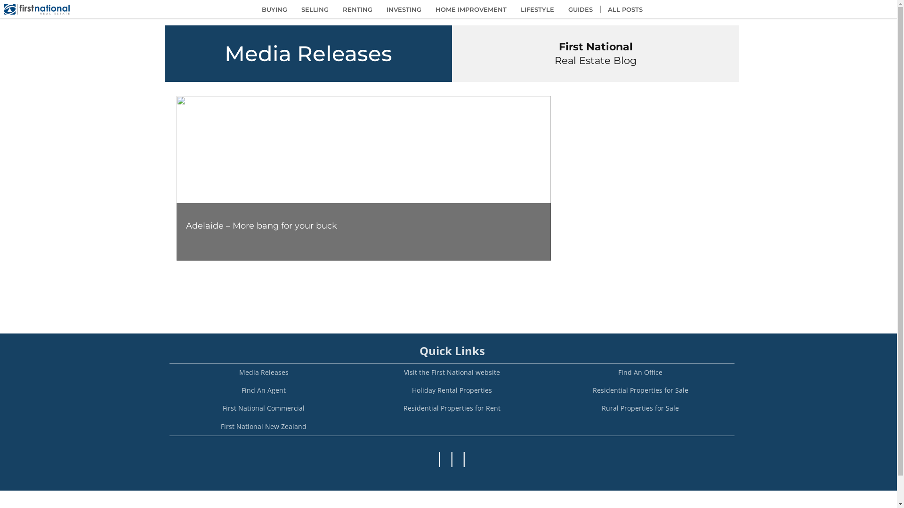 Image resolution: width=904 pixels, height=508 pixels. What do you see at coordinates (273, 9) in the screenshot?
I see `'BUYING'` at bounding box center [273, 9].